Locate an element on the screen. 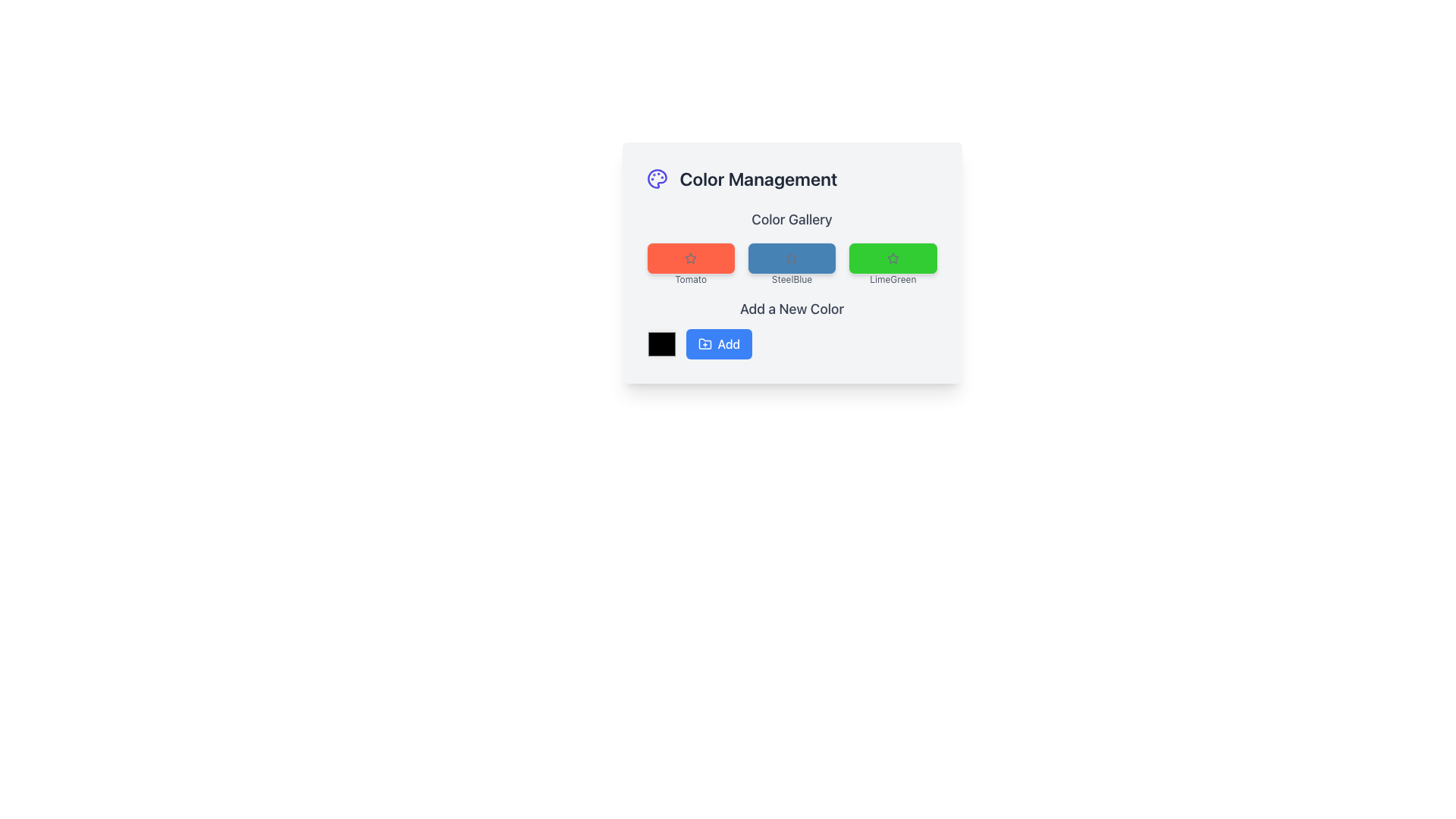 The width and height of the screenshot is (1456, 819). the first star icon that is part of the color options layout, which is filled with gray and associated with the 'Tomato' option is located at coordinates (690, 257).